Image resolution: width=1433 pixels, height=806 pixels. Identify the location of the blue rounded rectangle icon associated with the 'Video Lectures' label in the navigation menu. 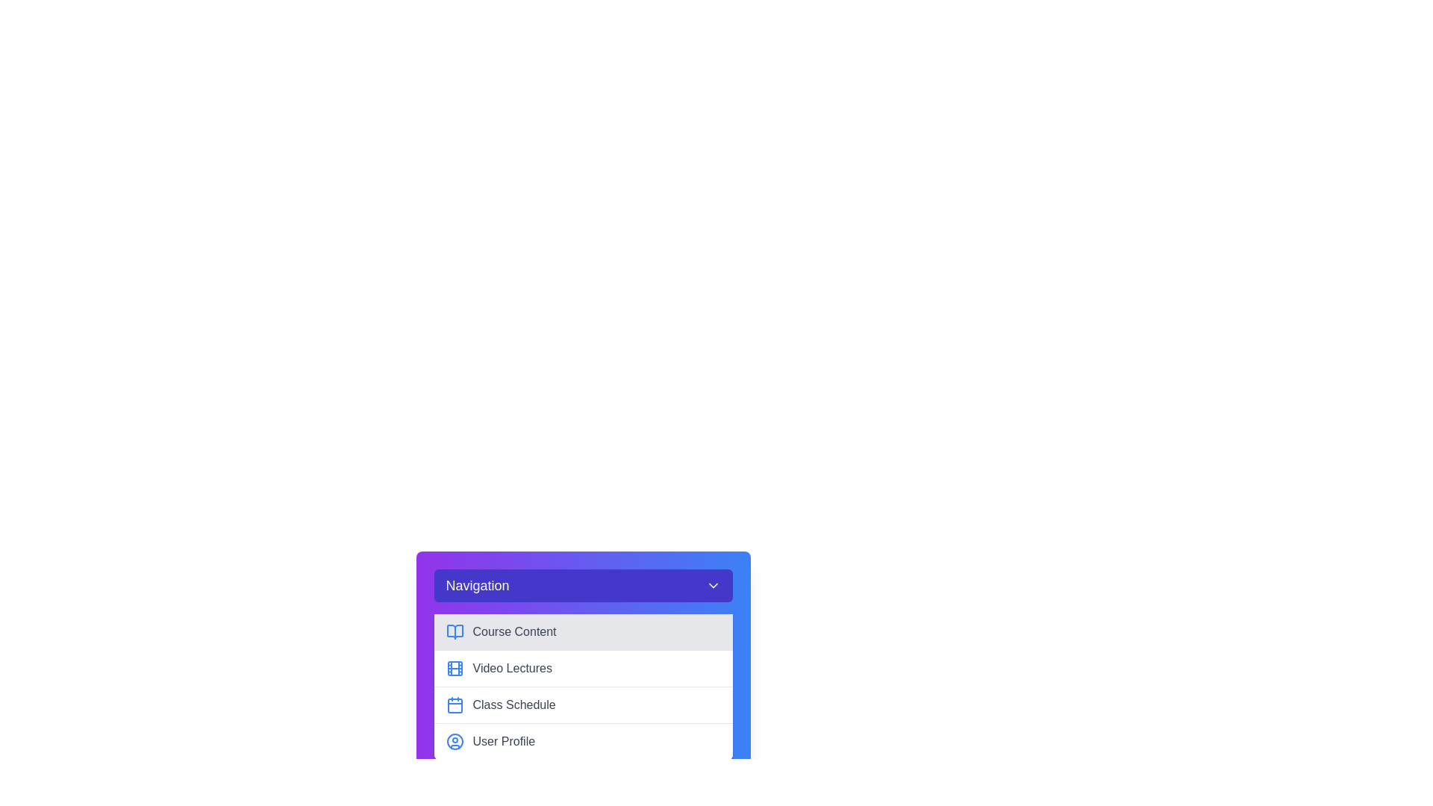
(454, 667).